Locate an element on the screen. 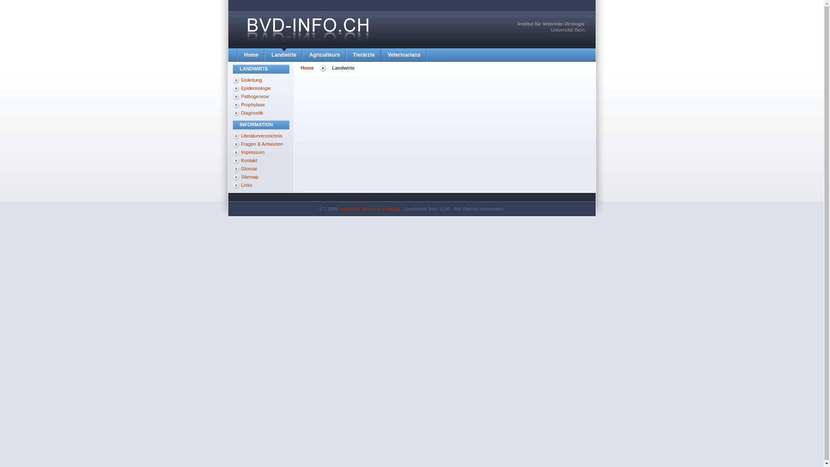  'Kontakt' is located at coordinates (261, 160).